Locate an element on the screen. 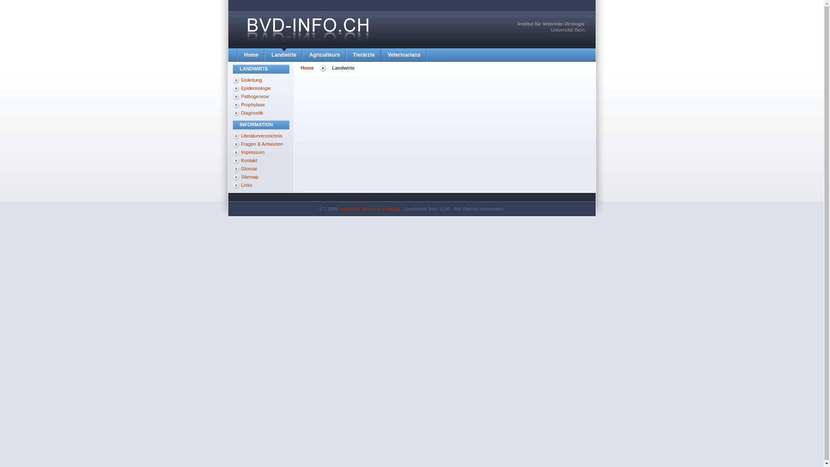  'Kontakt' is located at coordinates (261, 160).